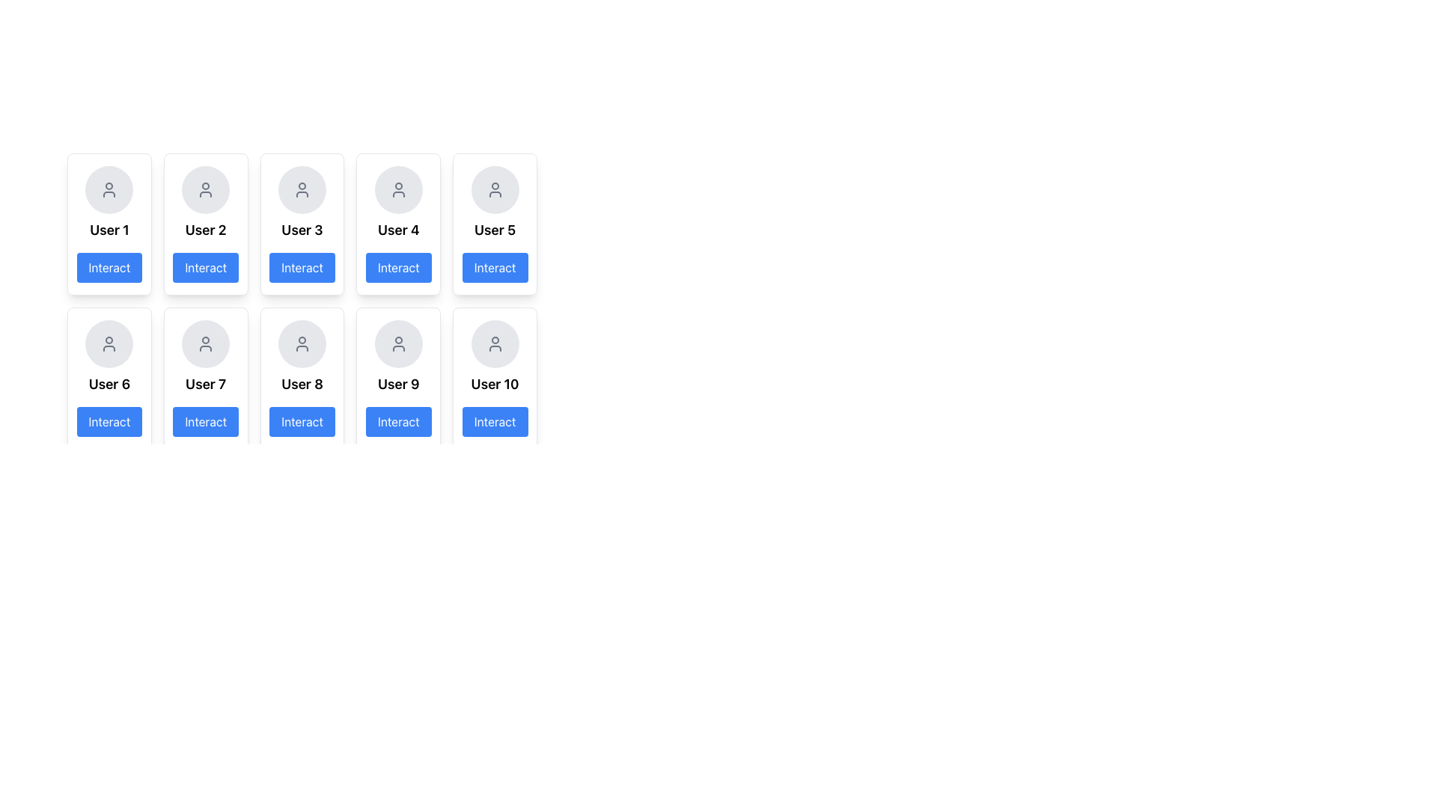 The image size is (1437, 808). What do you see at coordinates (301, 343) in the screenshot?
I see `the user profile icon located above the label 'User 8' in the second row, third column of the grid layout` at bounding box center [301, 343].